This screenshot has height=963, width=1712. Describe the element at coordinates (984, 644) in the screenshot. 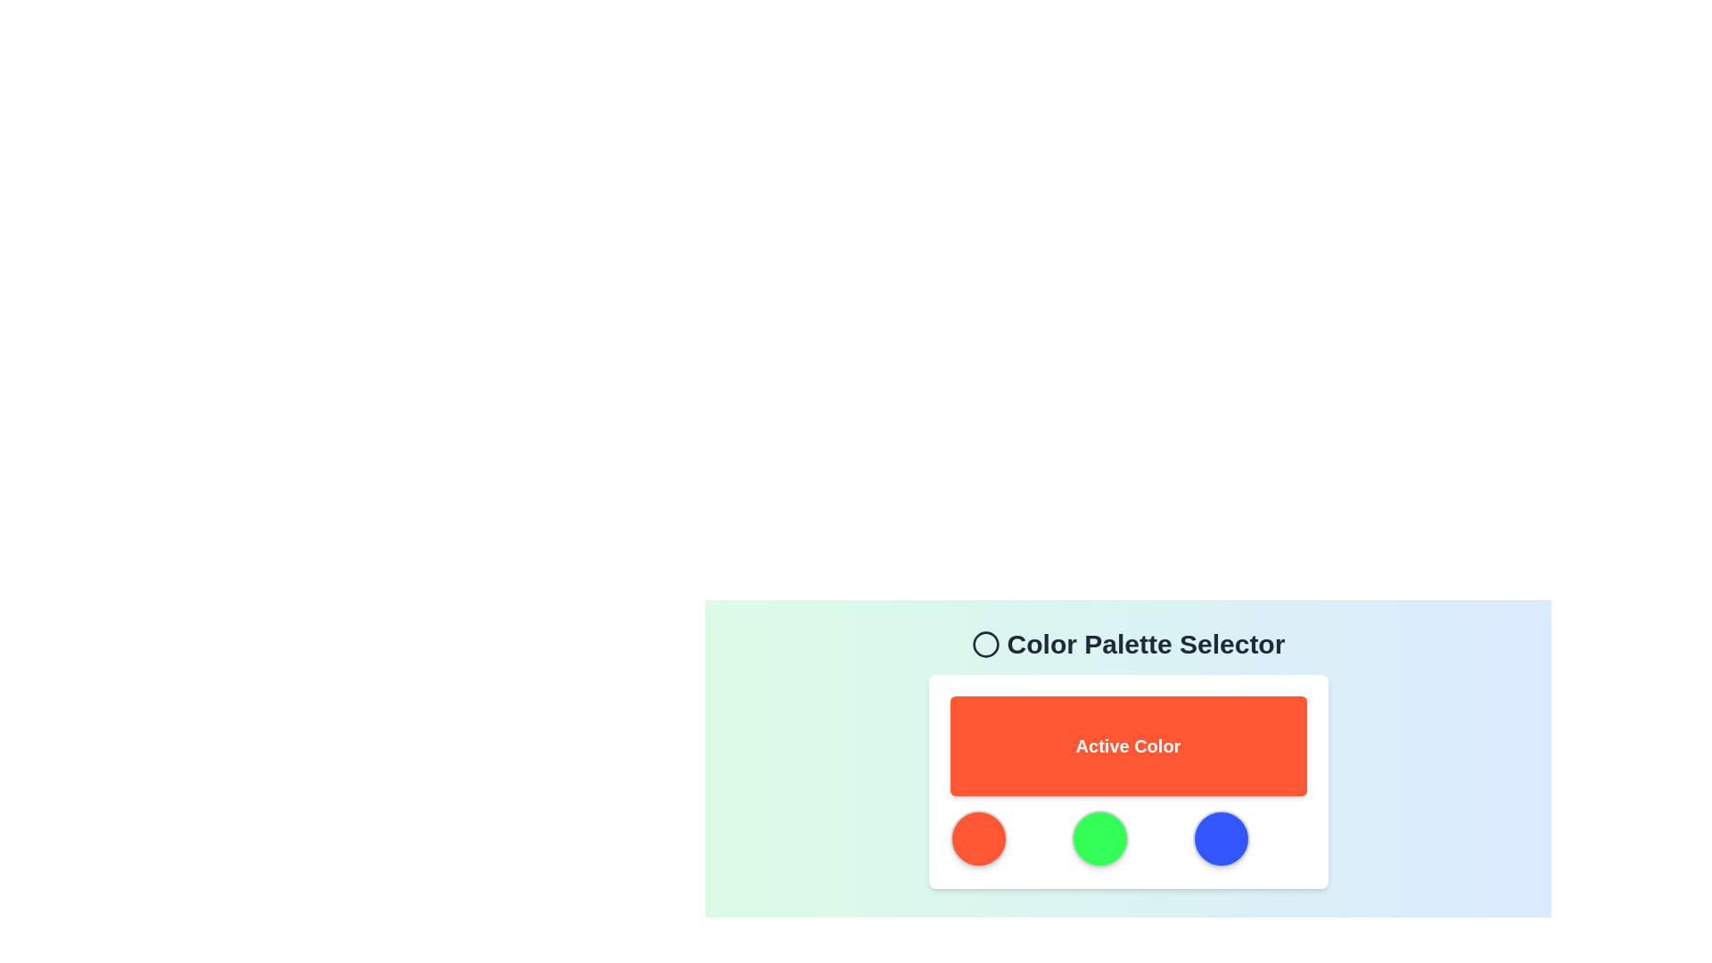

I see `the filled circle graphic element that is part of the Color Palette Selector icon, located near the upper-left corner of the widget` at that location.